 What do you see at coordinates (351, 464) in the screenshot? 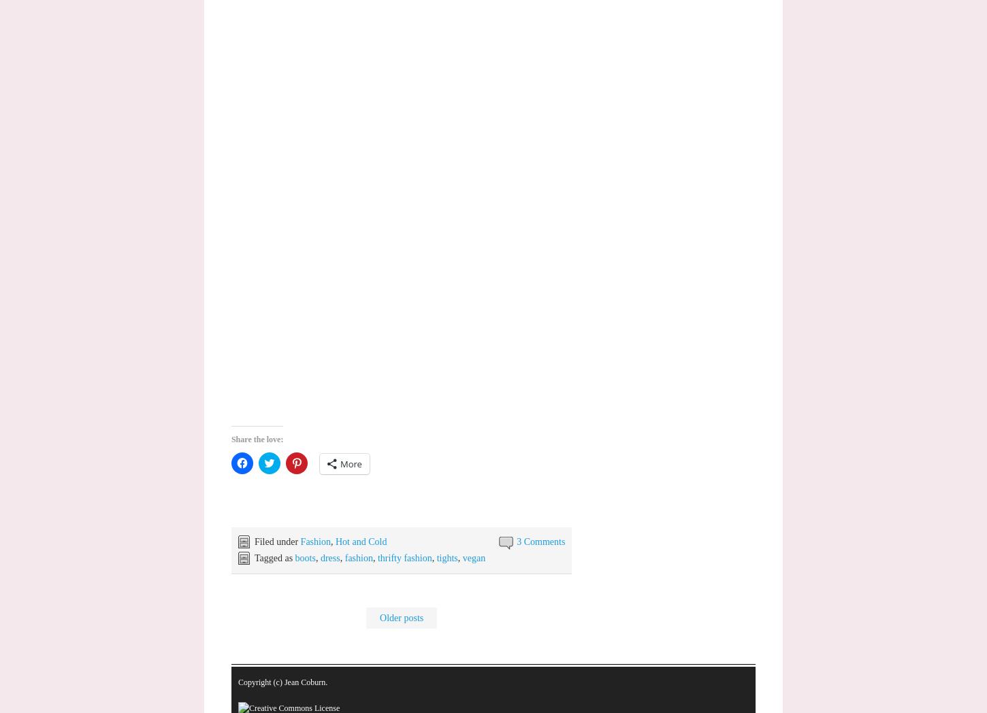
I see `'More'` at bounding box center [351, 464].